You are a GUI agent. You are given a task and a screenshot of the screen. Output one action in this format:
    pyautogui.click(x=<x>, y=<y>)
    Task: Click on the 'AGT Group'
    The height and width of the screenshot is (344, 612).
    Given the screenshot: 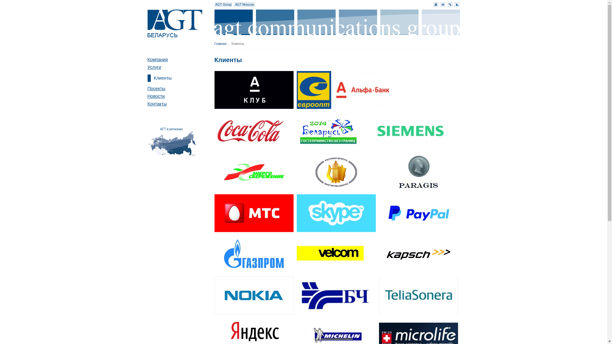 What is the action you would take?
    pyautogui.click(x=223, y=4)
    